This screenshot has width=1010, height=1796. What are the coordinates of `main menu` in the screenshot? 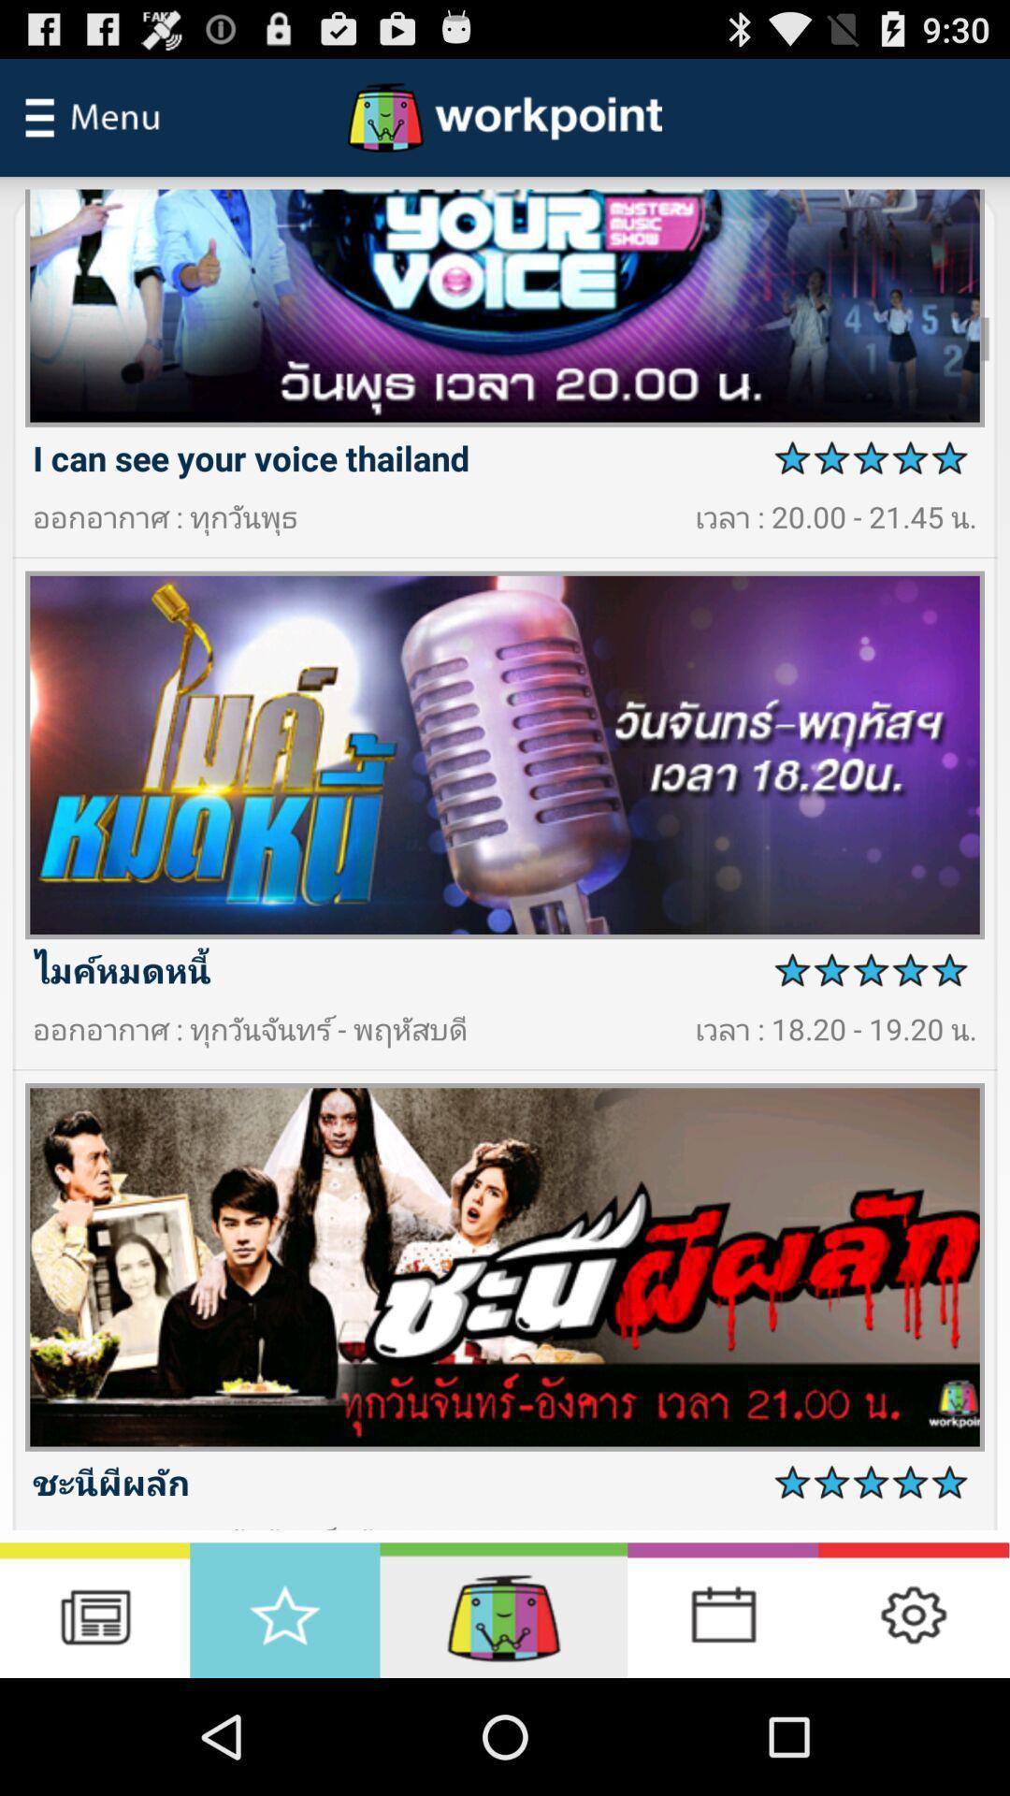 It's located at (93, 116).